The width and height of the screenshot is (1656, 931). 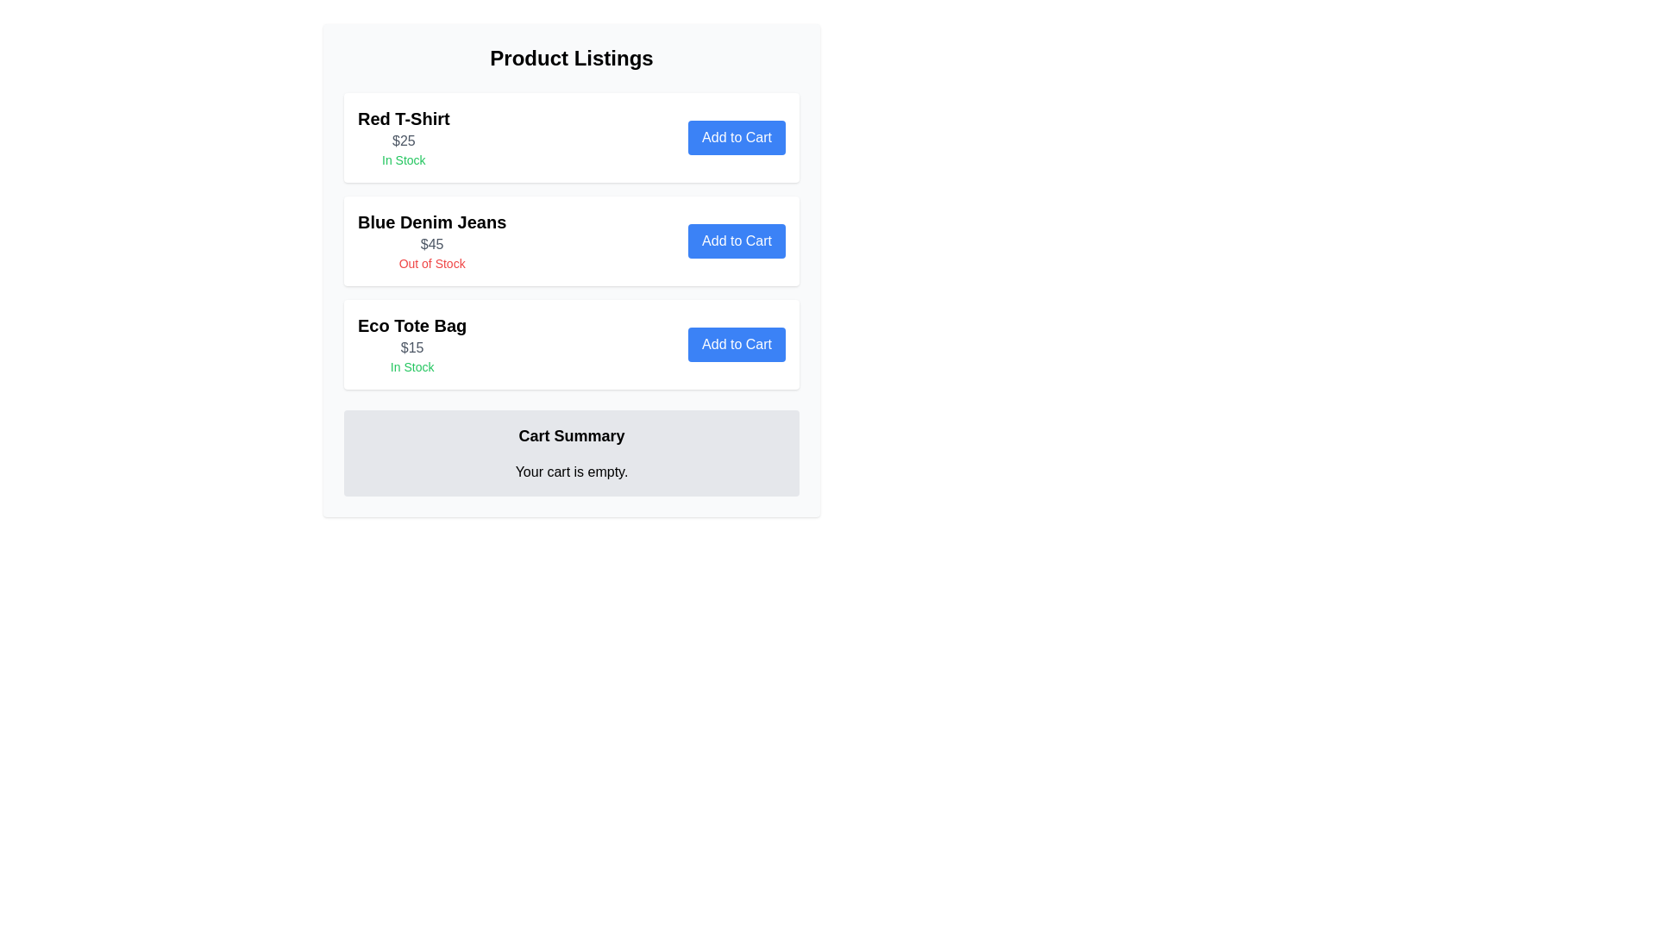 I want to click on the 'In Stock' static text label element that is displayed in green below the price of the product listed as '$25', so click(x=403, y=159).